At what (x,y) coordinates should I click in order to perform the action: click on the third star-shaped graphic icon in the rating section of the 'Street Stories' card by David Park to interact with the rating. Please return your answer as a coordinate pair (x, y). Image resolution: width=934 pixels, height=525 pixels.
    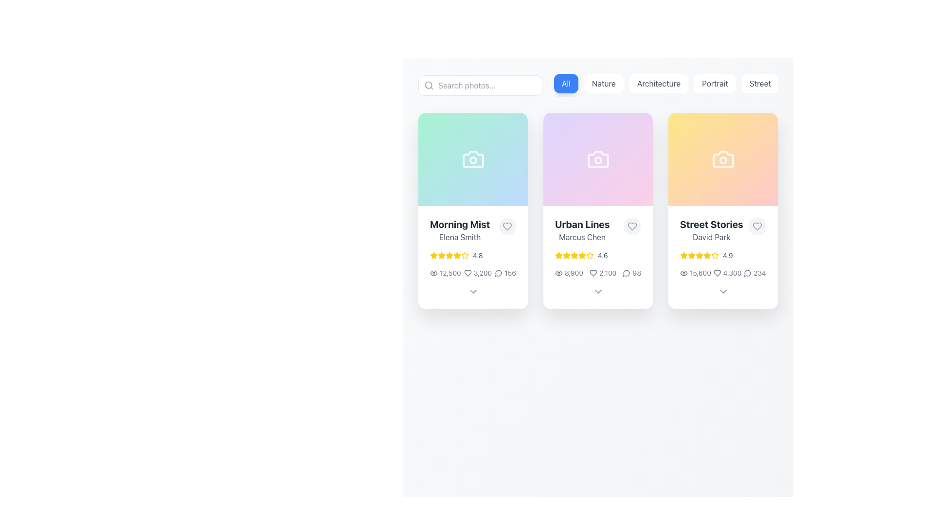
    Looking at the image, I should click on (691, 255).